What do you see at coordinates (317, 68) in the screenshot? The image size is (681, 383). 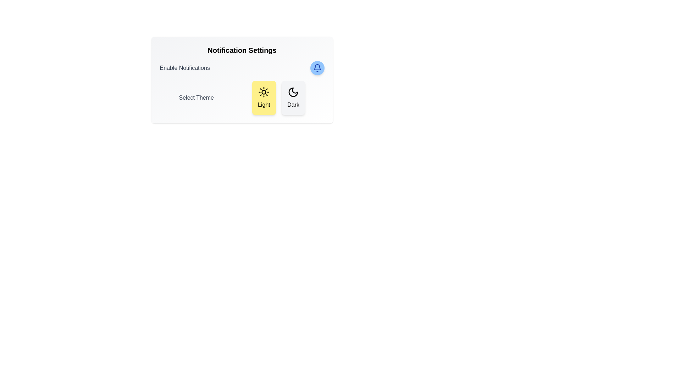 I see `the bell icon to toggle the notification status` at bounding box center [317, 68].